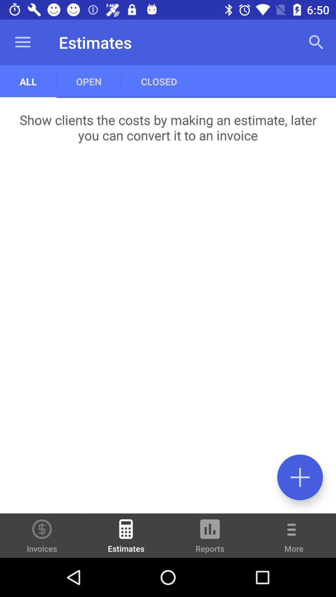 The height and width of the screenshot is (597, 336). I want to click on download, so click(300, 477).